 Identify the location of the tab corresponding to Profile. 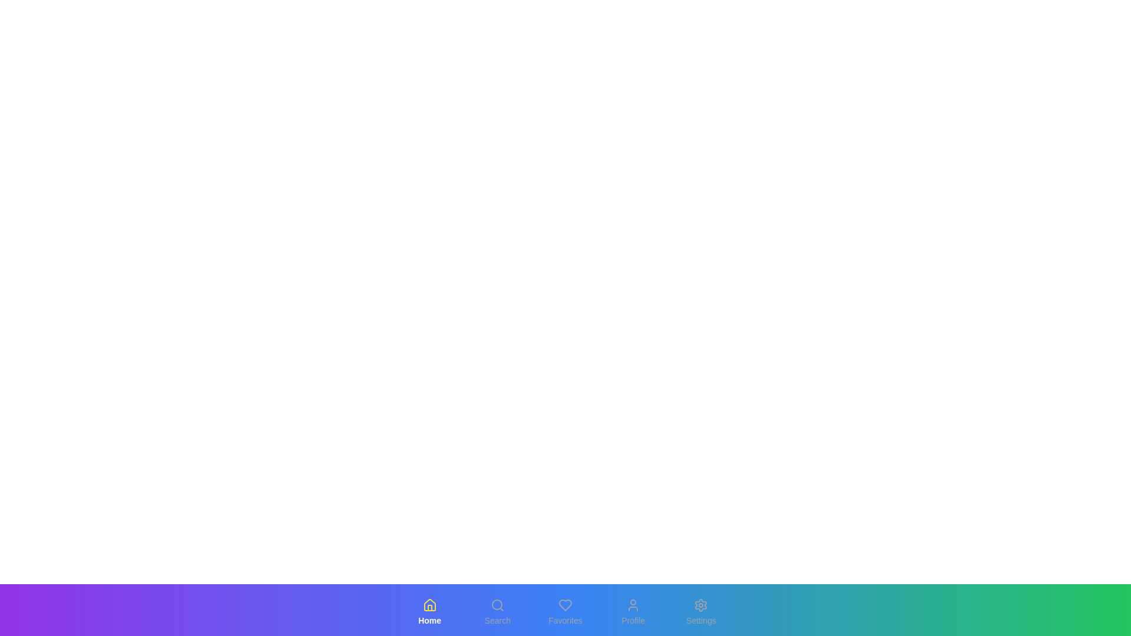
(633, 612).